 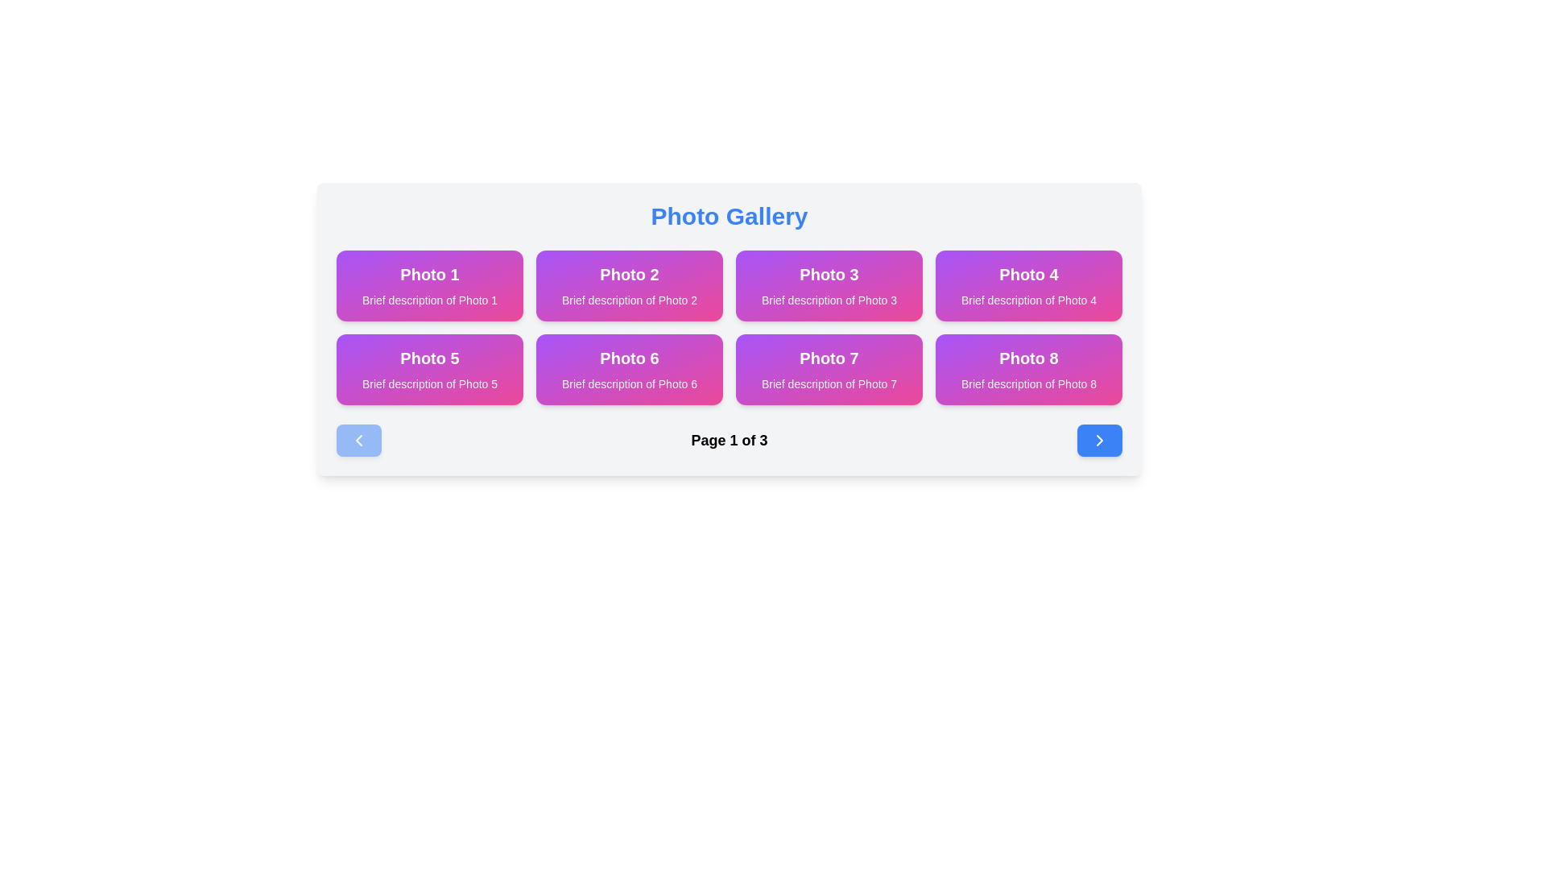 What do you see at coordinates (1027, 284) in the screenshot?
I see `the 'Photo 4' card component, which has a gradient background and bold text` at bounding box center [1027, 284].